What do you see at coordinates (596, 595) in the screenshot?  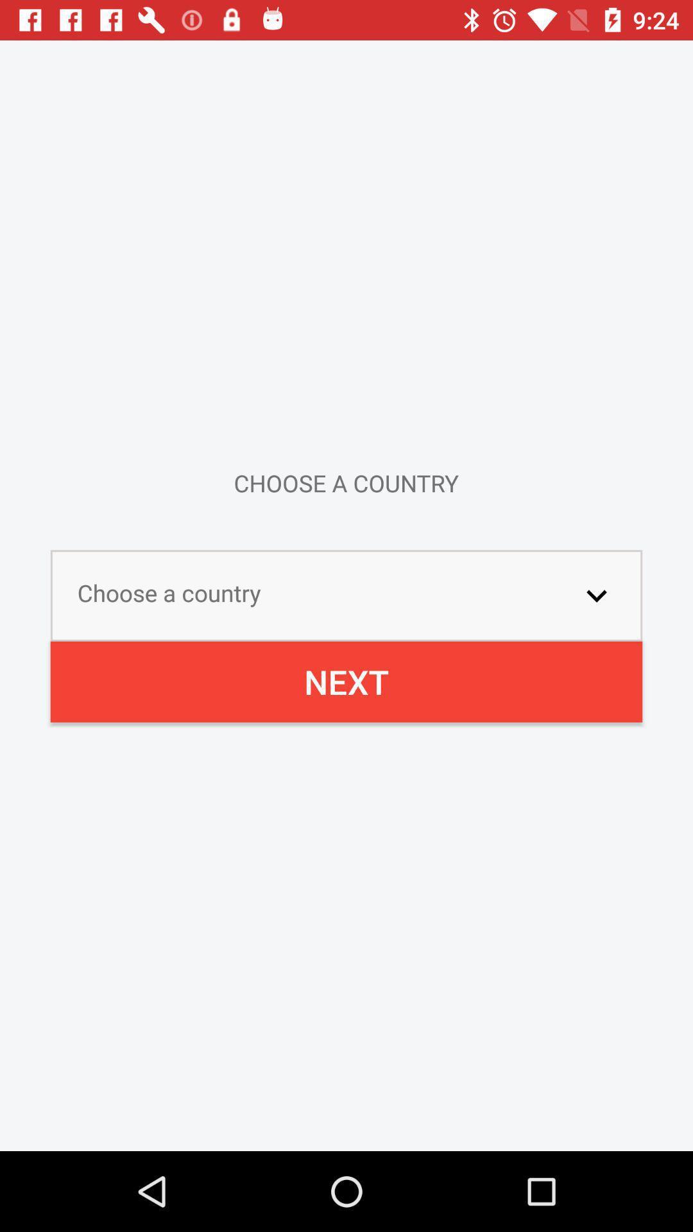 I see `the icon above the next icon` at bounding box center [596, 595].